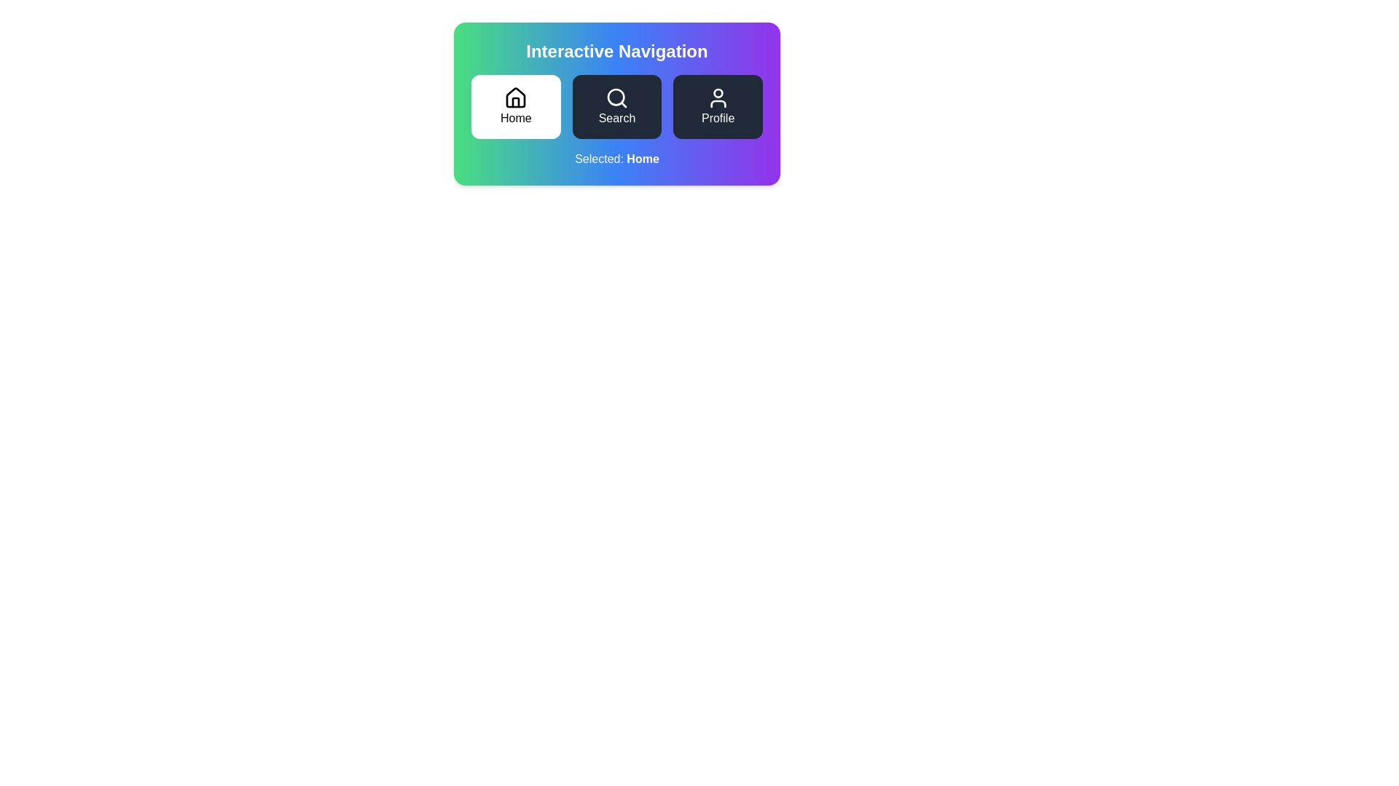 The width and height of the screenshot is (1399, 786). Describe the element at coordinates (516, 106) in the screenshot. I see `the 'Home' button, which is a rectangular button with rounded corners, white background, and black text featuring a house icon above the text, located at the far left of the navigation bar` at that location.